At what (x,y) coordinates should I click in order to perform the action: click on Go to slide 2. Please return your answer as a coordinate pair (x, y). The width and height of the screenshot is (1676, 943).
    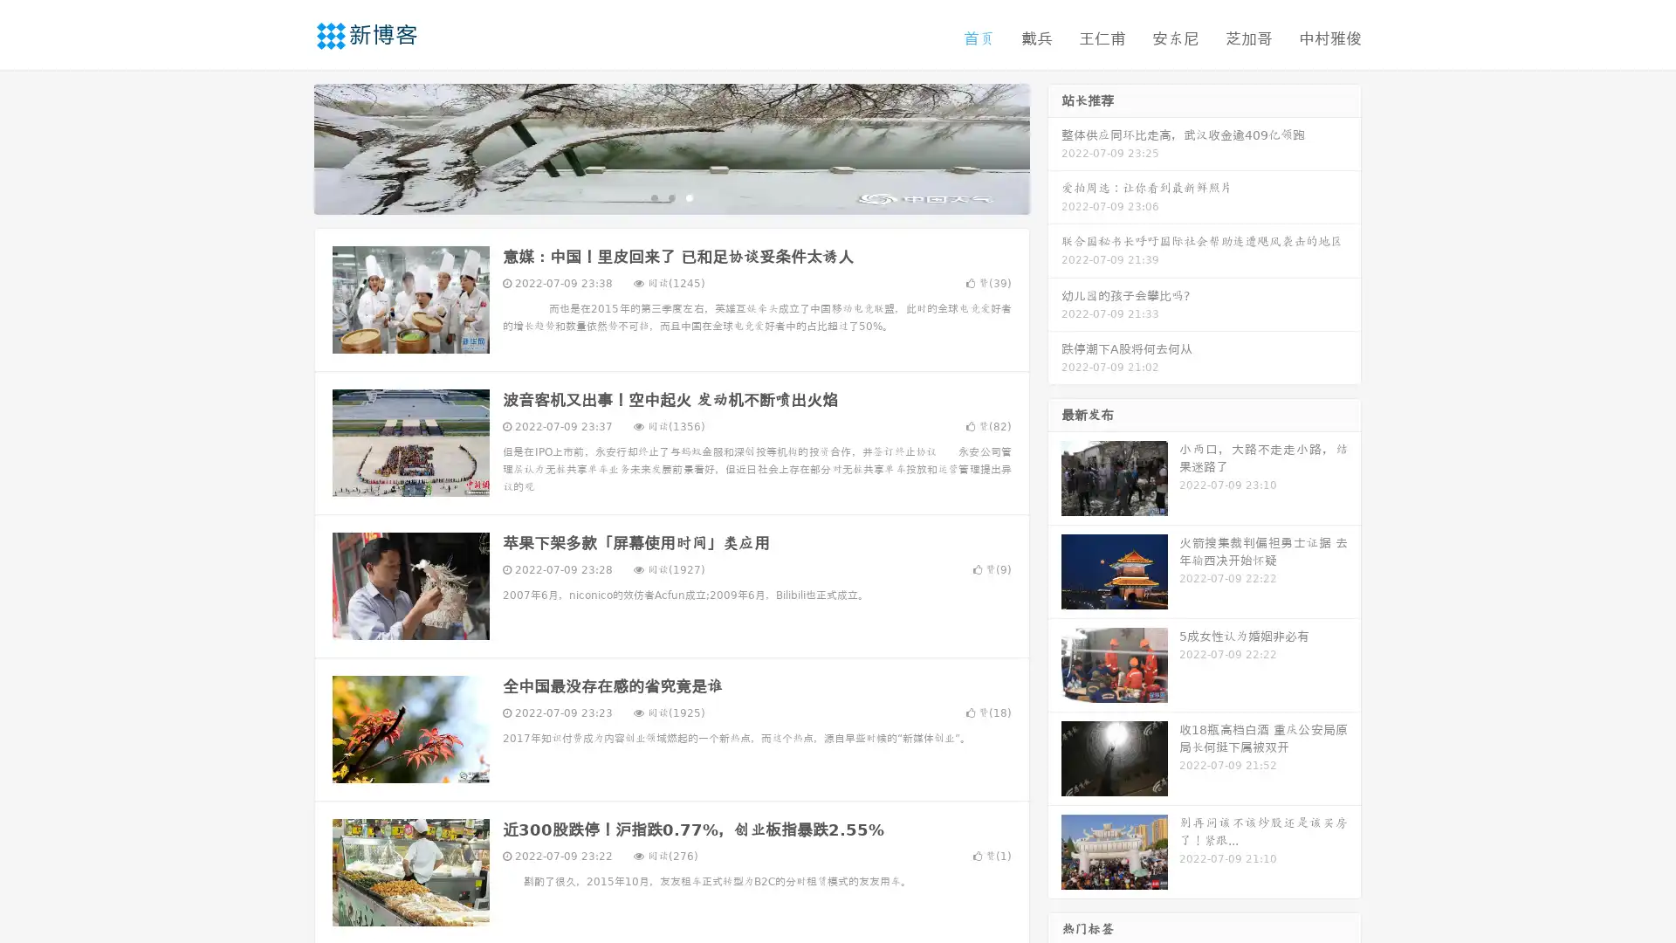
    Looking at the image, I should click on (670, 196).